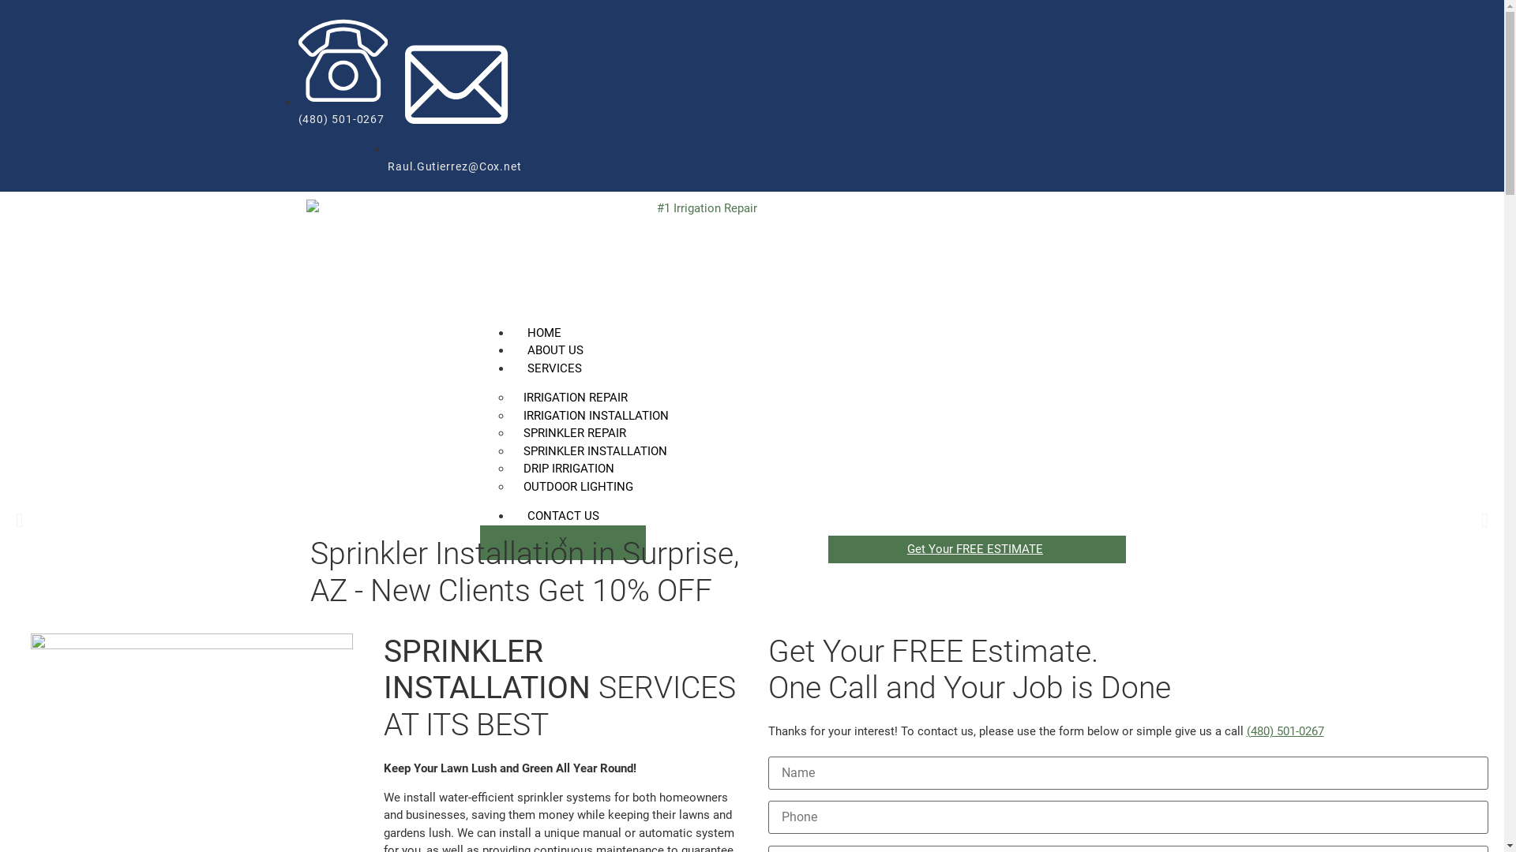 This screenshot has width=1516, height=852. What do you see at coordinates (1285, 731) in the screenshot?
I see `'(480) 501-0267'` at bounding box center [1285, 731].